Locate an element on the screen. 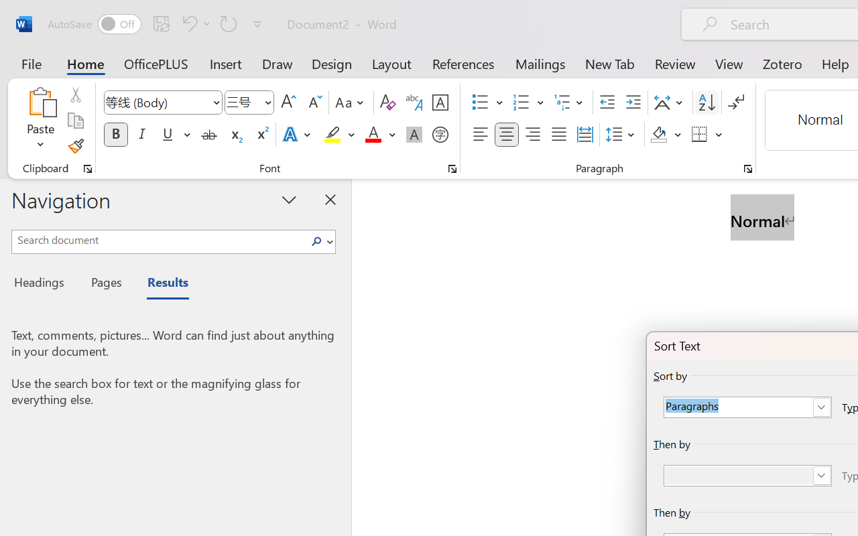  'Text Effects and Typography' is located at coordinates (297, 135).